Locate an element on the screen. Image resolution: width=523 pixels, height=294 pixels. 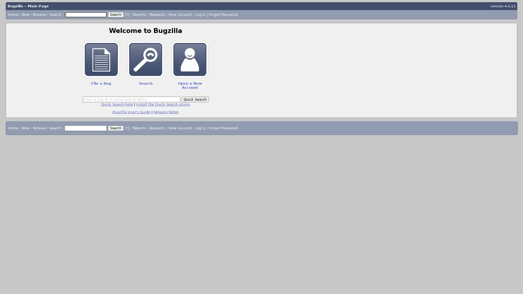
Search is located at coordinates (115, 128).